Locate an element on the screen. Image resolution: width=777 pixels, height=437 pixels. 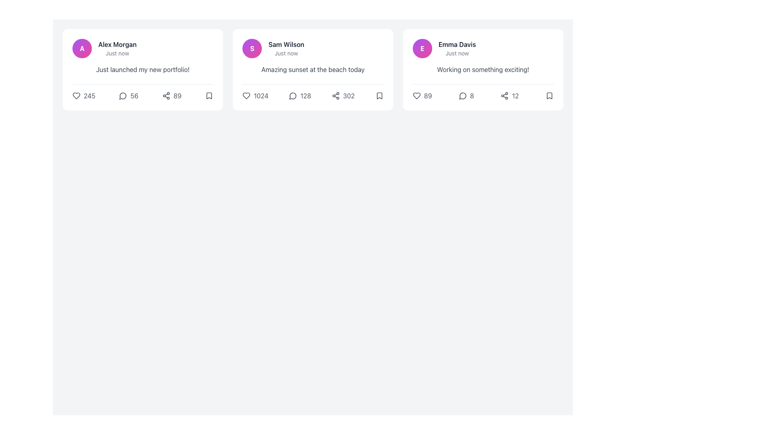
the bookmark icon button, which is the fifth interactive icon in the row of reaction icons below the post by 'Sam Wilson' is located at coordinates (379, 95).